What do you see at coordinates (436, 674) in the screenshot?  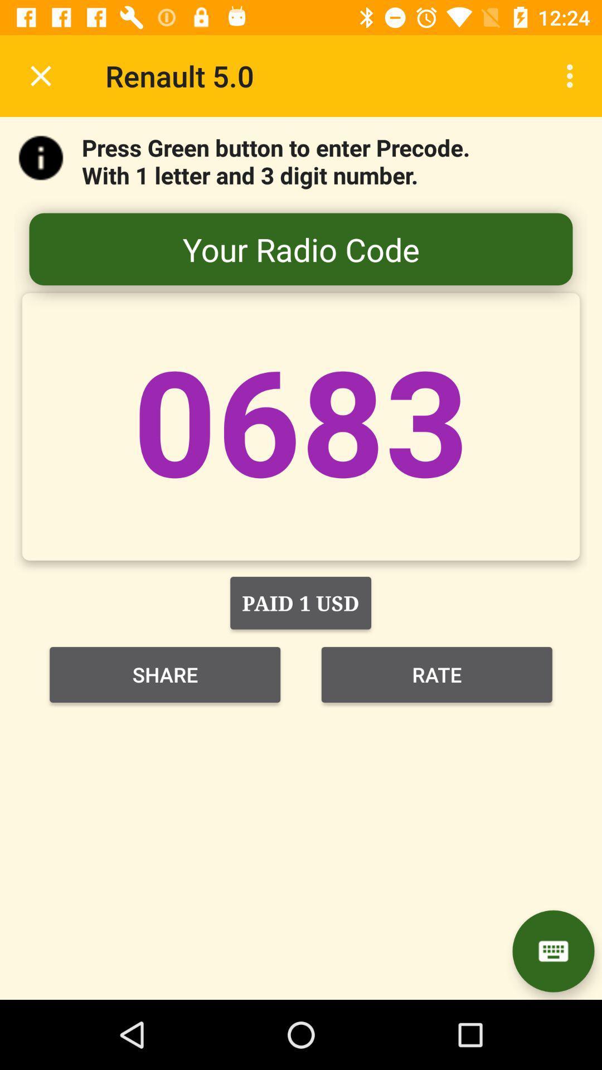 I see `the item next to the share icon` at bounding box center [436, 674].